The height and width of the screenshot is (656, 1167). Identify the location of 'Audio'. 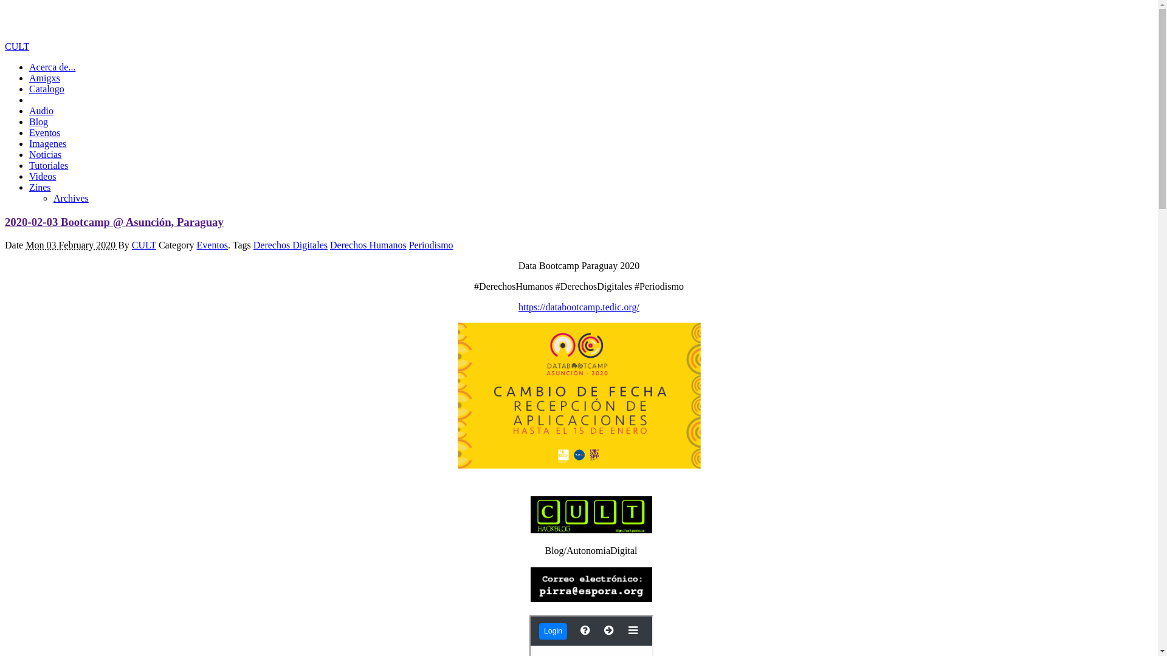
(41, 111).